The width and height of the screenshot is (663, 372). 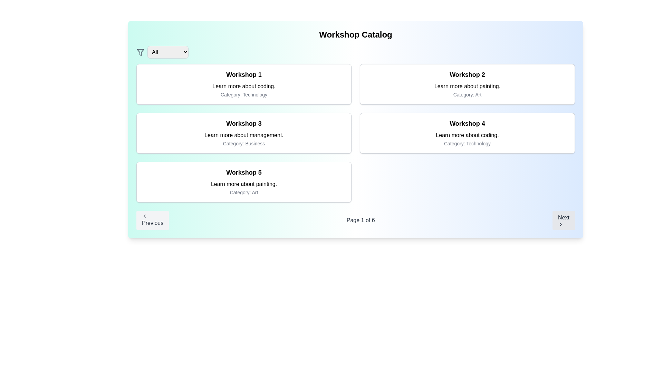 I want to click on the text label displaying 'Category: Technology' located within the fourth workshop card, positioned below 'Learn more about coding.', so click(x=467, y=143).